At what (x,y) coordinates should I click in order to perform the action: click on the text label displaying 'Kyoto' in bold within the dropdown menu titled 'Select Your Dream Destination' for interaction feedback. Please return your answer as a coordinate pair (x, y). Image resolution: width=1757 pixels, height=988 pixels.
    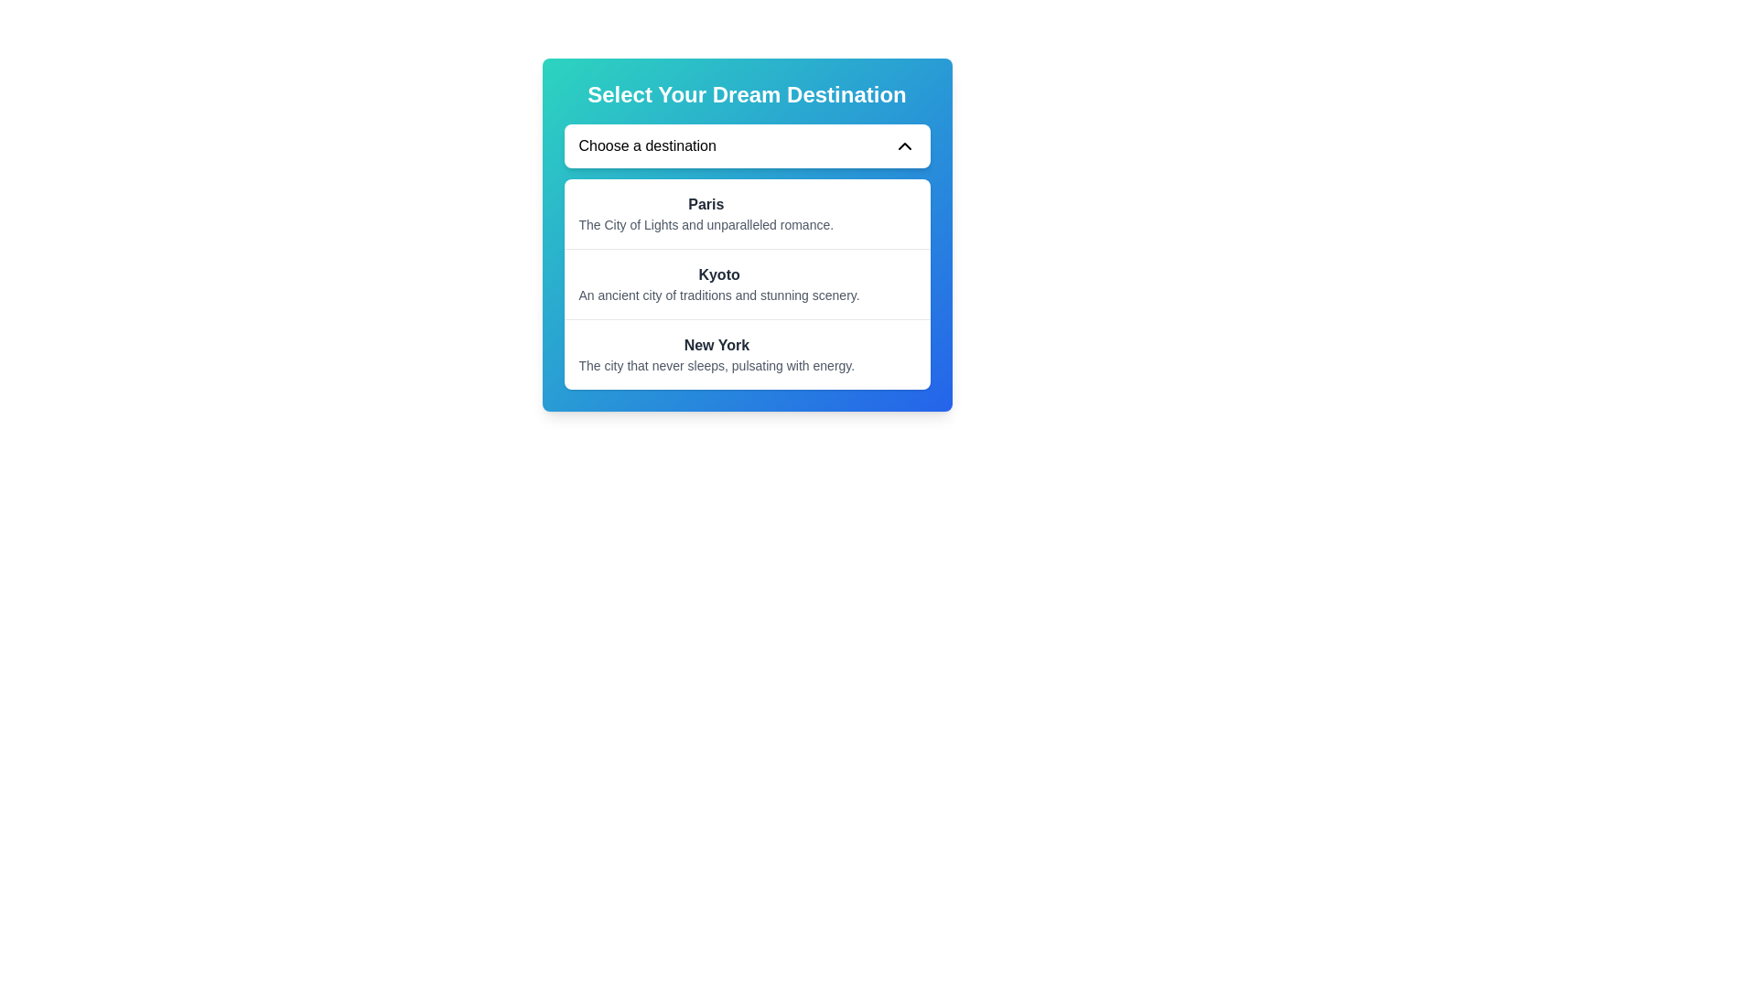
    Looking at the image, I should click on (718, 274).